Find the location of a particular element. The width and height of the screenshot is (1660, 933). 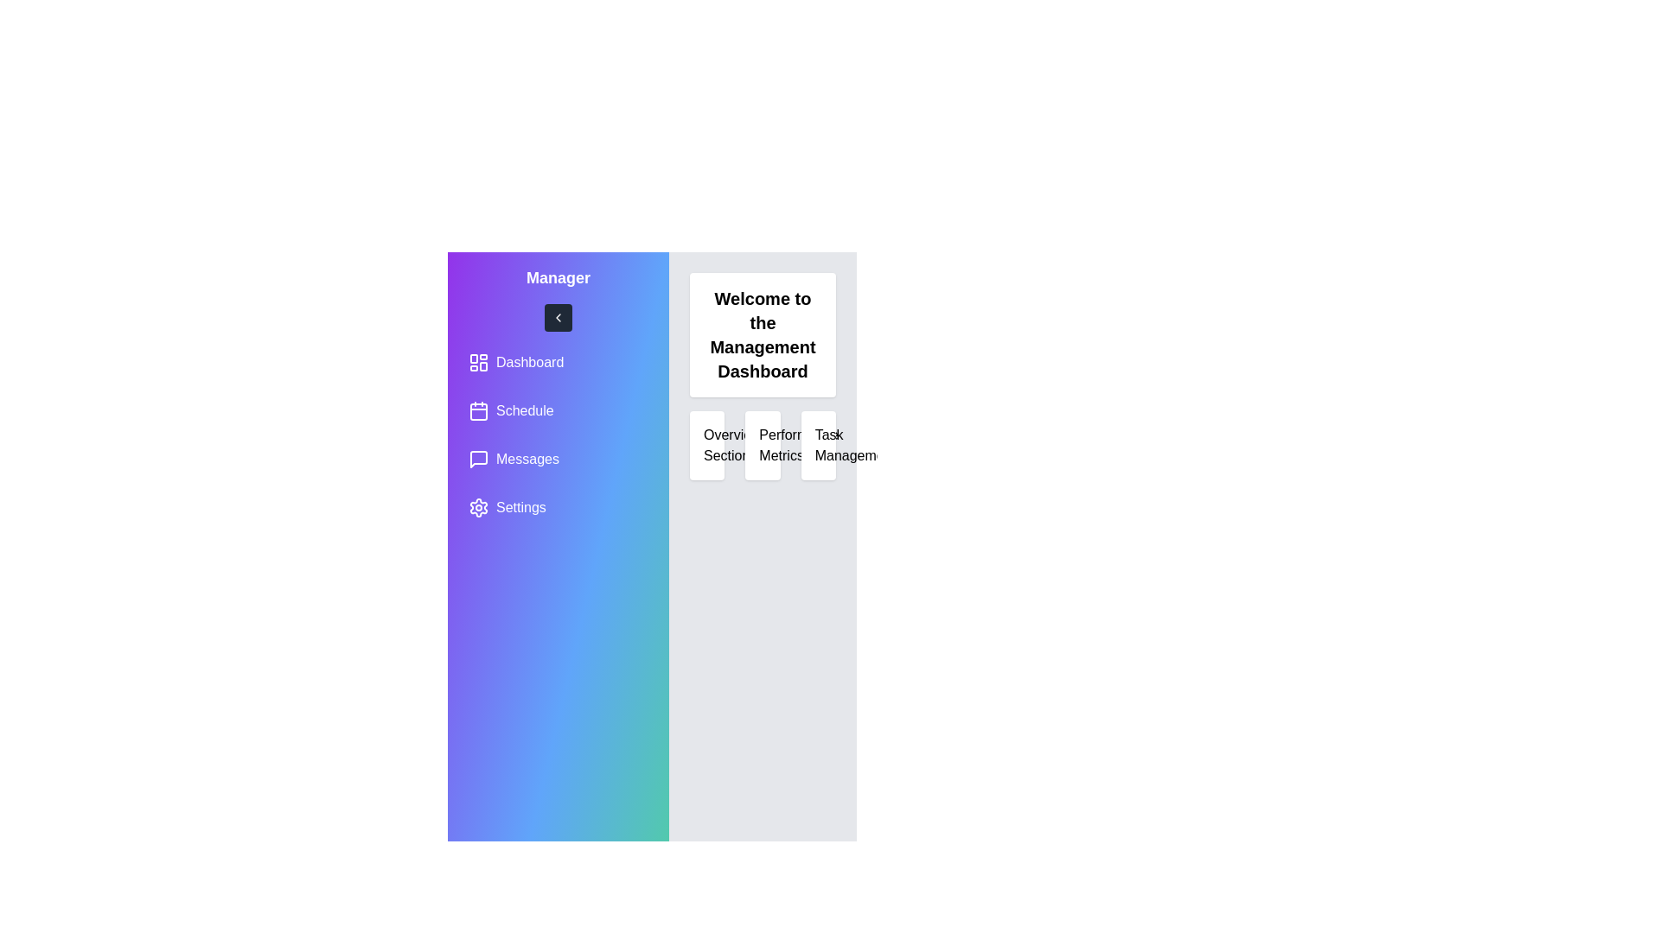

the navigation button that leads to the main dashboard view, located at the top of the left-hand navigation panel, to change its appearance is located at coordinates (559, 362).